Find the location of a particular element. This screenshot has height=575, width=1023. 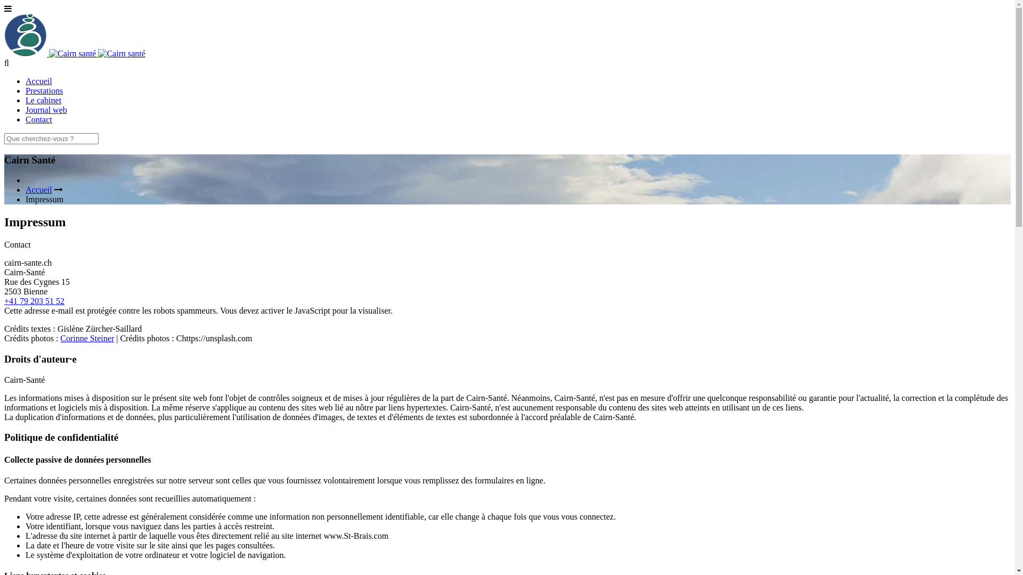

'Journal web' is located at coordinates (45, 110).